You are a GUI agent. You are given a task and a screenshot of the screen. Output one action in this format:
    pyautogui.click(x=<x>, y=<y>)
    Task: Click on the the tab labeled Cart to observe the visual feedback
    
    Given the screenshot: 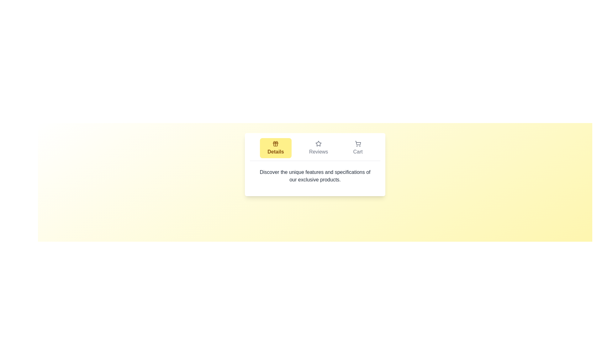 What is the action you would take?
    pyautogui.click(x=358, y=148)
    